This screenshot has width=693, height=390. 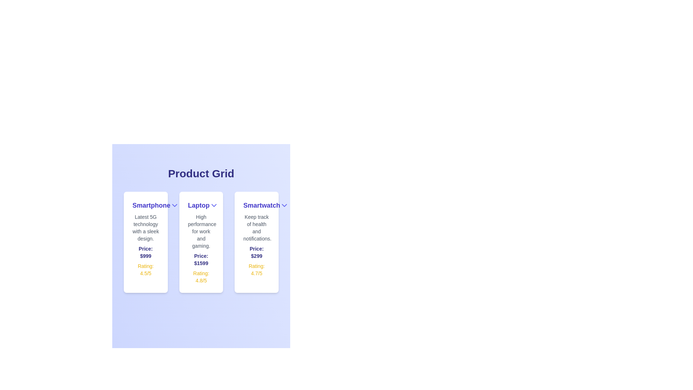 What do you see at coordinates (145, 242) in the screenshot?
I see `the smartphone product card, which is the first card in a grid layout showcasing product details including features, price, and rating` at bounding box center [145, 242].